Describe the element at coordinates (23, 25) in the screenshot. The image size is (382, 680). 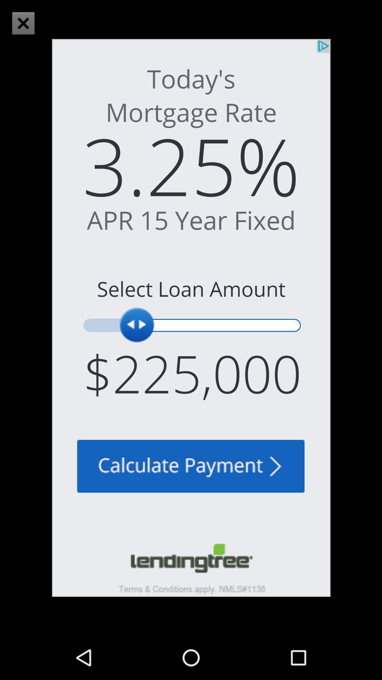
I see `the close icon` at that location.